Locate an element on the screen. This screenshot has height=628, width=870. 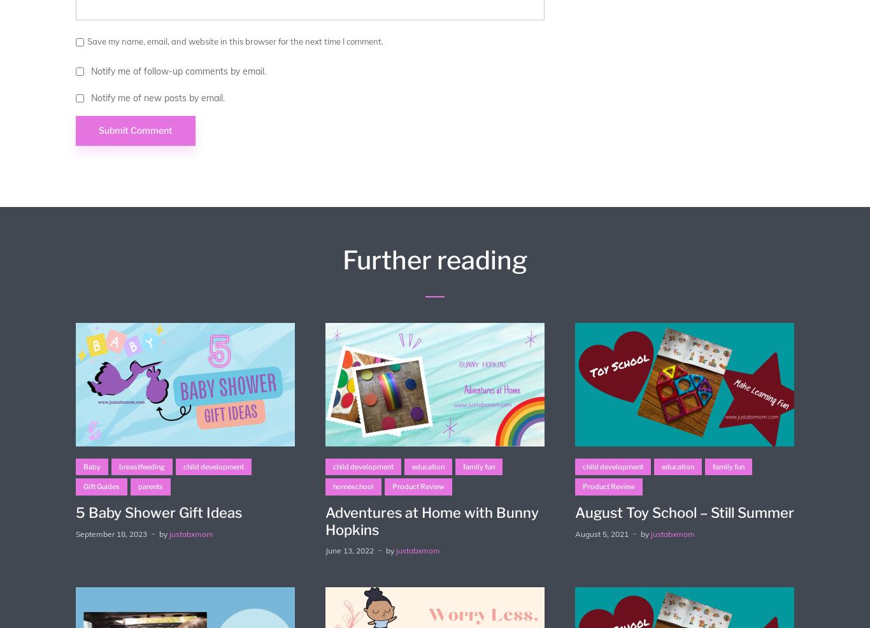
'5 Baby Shower Gift Ideas' is located at coordinates (75, 512).